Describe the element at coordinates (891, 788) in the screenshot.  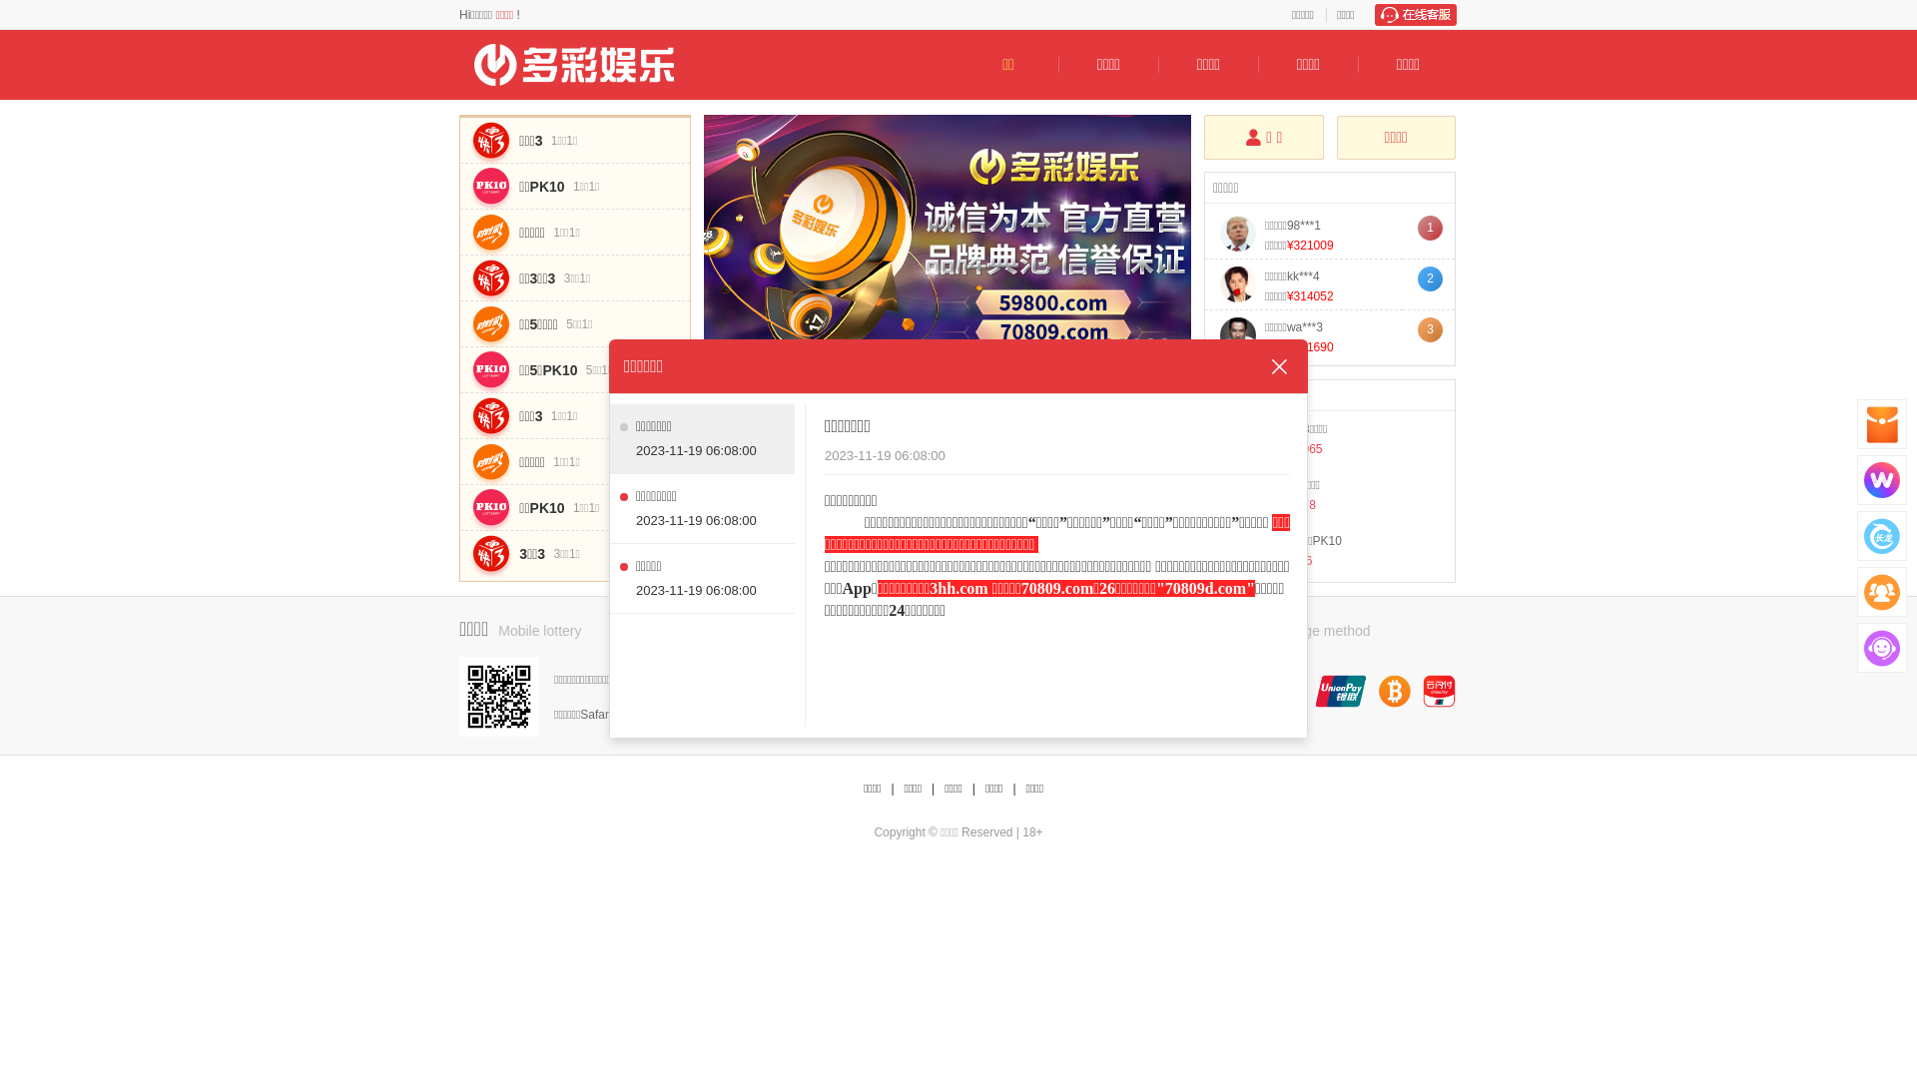
I see `'|'` at that location.